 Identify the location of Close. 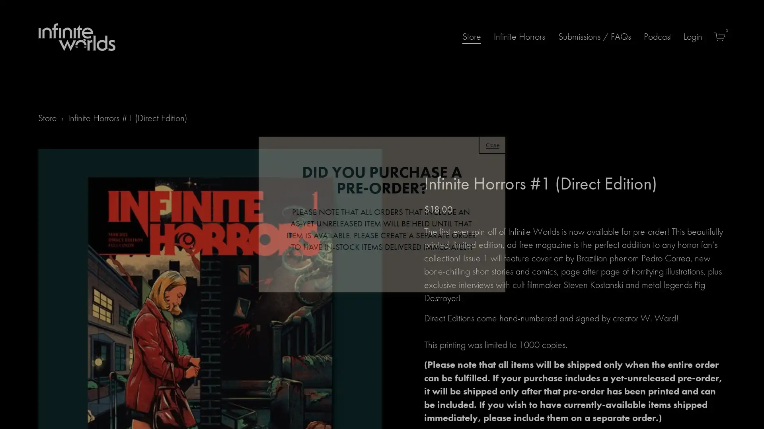
(492, 144).